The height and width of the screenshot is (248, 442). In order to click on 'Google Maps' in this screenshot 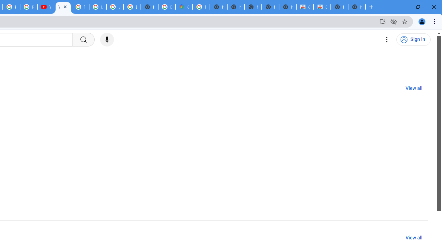, I will do `click(184, 7)`.